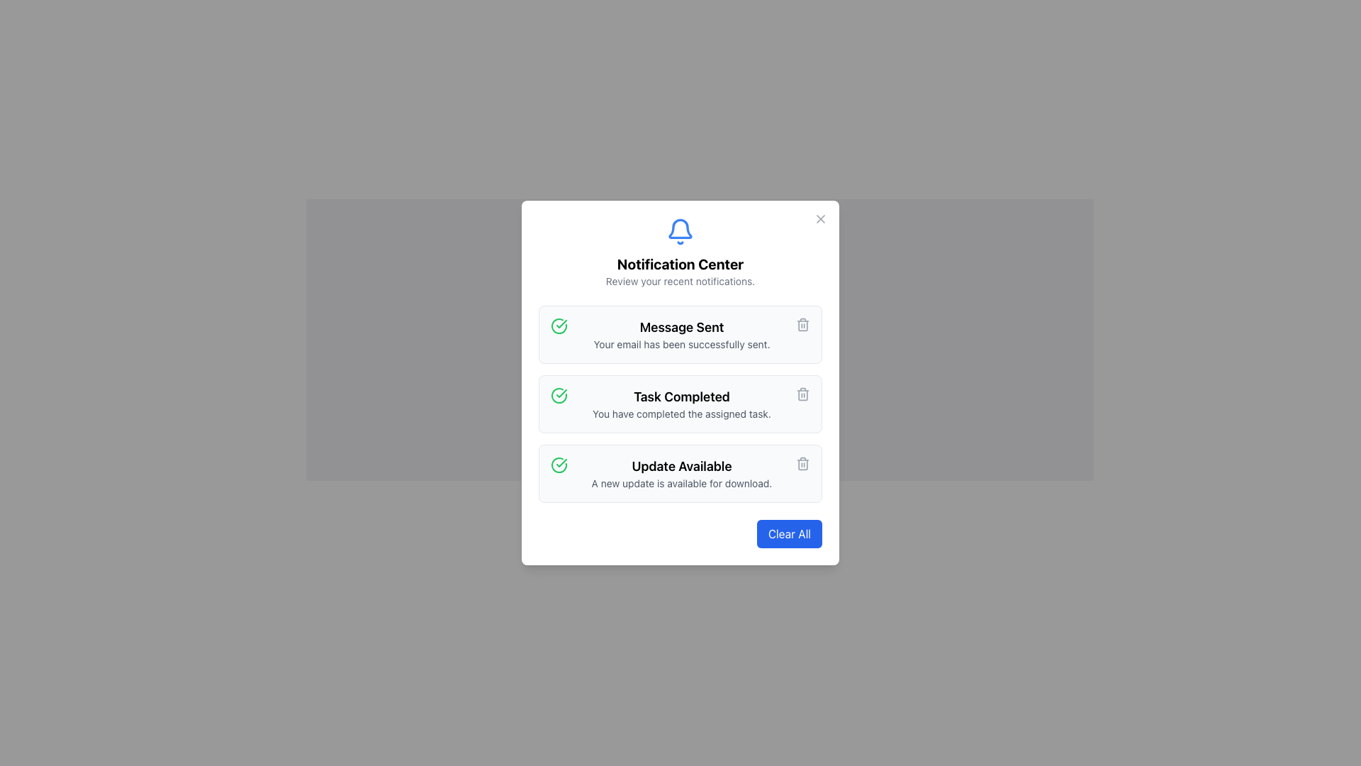 This screenshot has height=766, width=1361. Describe the element at coordinates (680, 473) in the screenshot. I see `the contents of the 'Update Available' notification card located in the Notification Center panel, which is the third item in the list of notifications` at that location.